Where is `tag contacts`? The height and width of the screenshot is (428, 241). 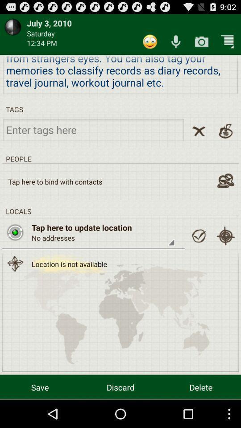 tag contacts is located at coordinates (225, 180).